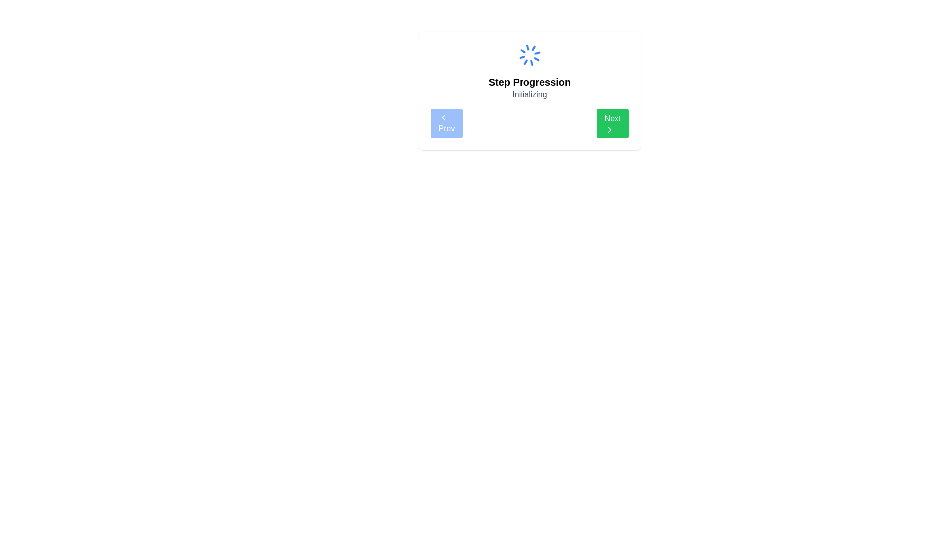  Describe the element at coordinates (612, 123) in the screenshot. I see `the rectangular green button labeled 'Next' with a white text and an arrow icon to proceed` at that location.